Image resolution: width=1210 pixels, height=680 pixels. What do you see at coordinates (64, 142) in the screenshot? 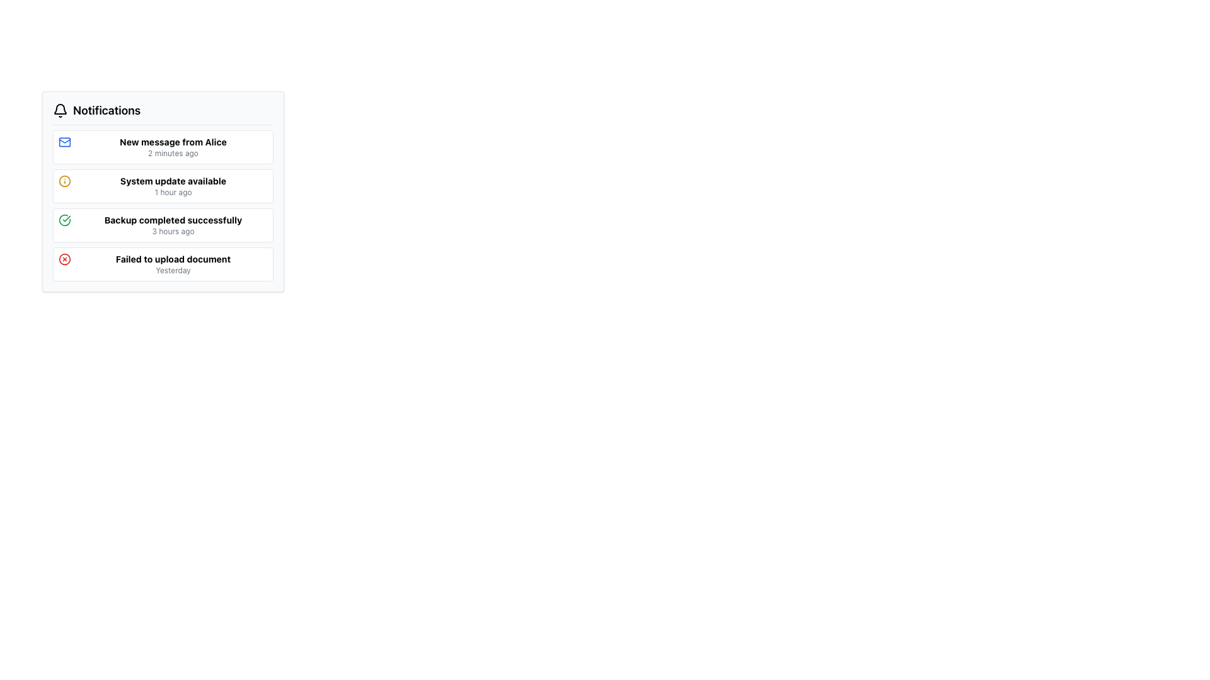
I see `the email notification icon located to the left of the text 'New message from Alice' in the notification card` at bounding box center [64, 142].